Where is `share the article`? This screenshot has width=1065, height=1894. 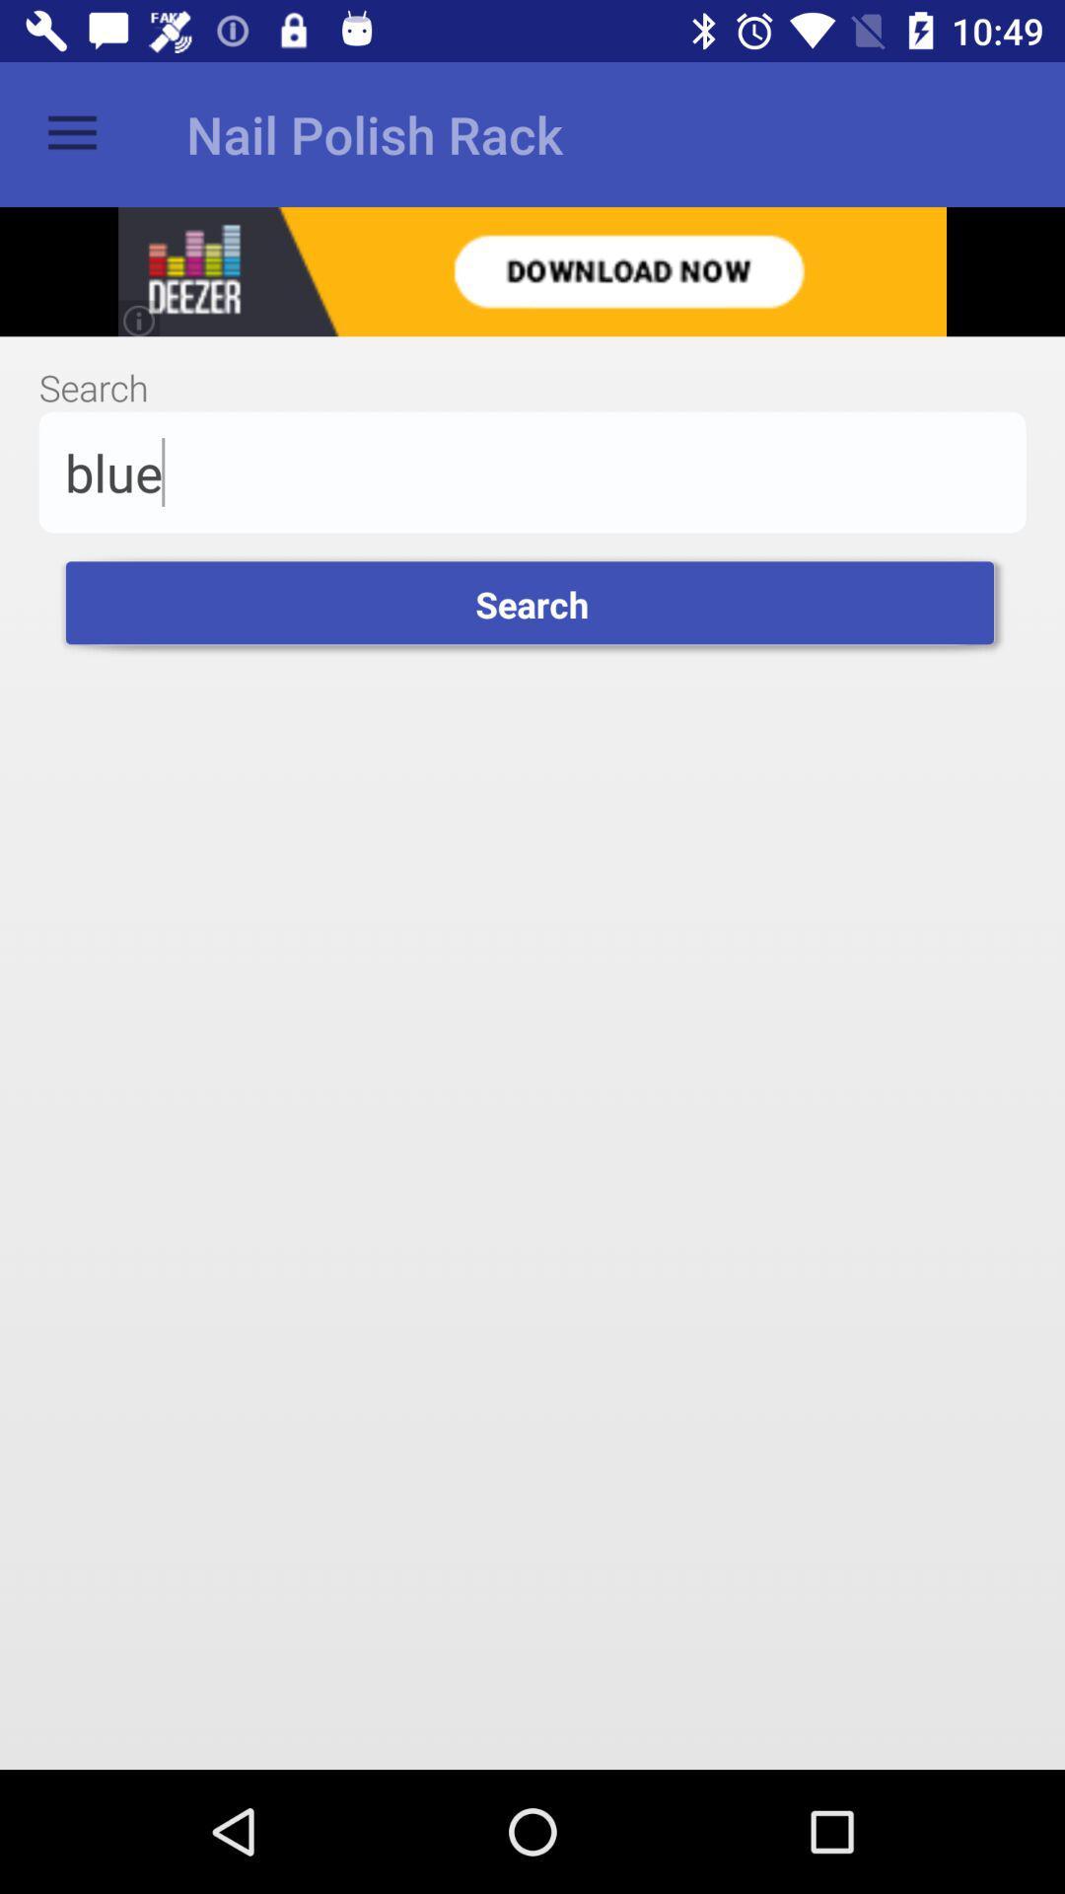 share the article is located at coordinates (532, 270).